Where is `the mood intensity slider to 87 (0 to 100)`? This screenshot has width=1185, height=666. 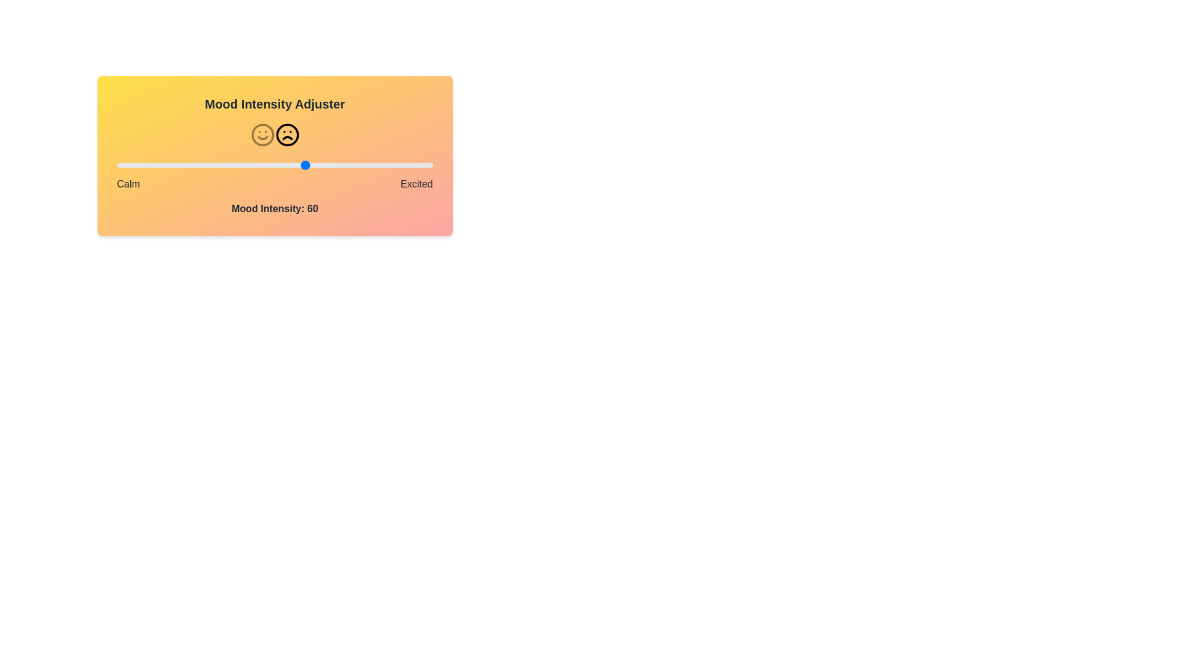 the mood intensity slider to 87 (0 to 100) is located at coordinates (391, 164).